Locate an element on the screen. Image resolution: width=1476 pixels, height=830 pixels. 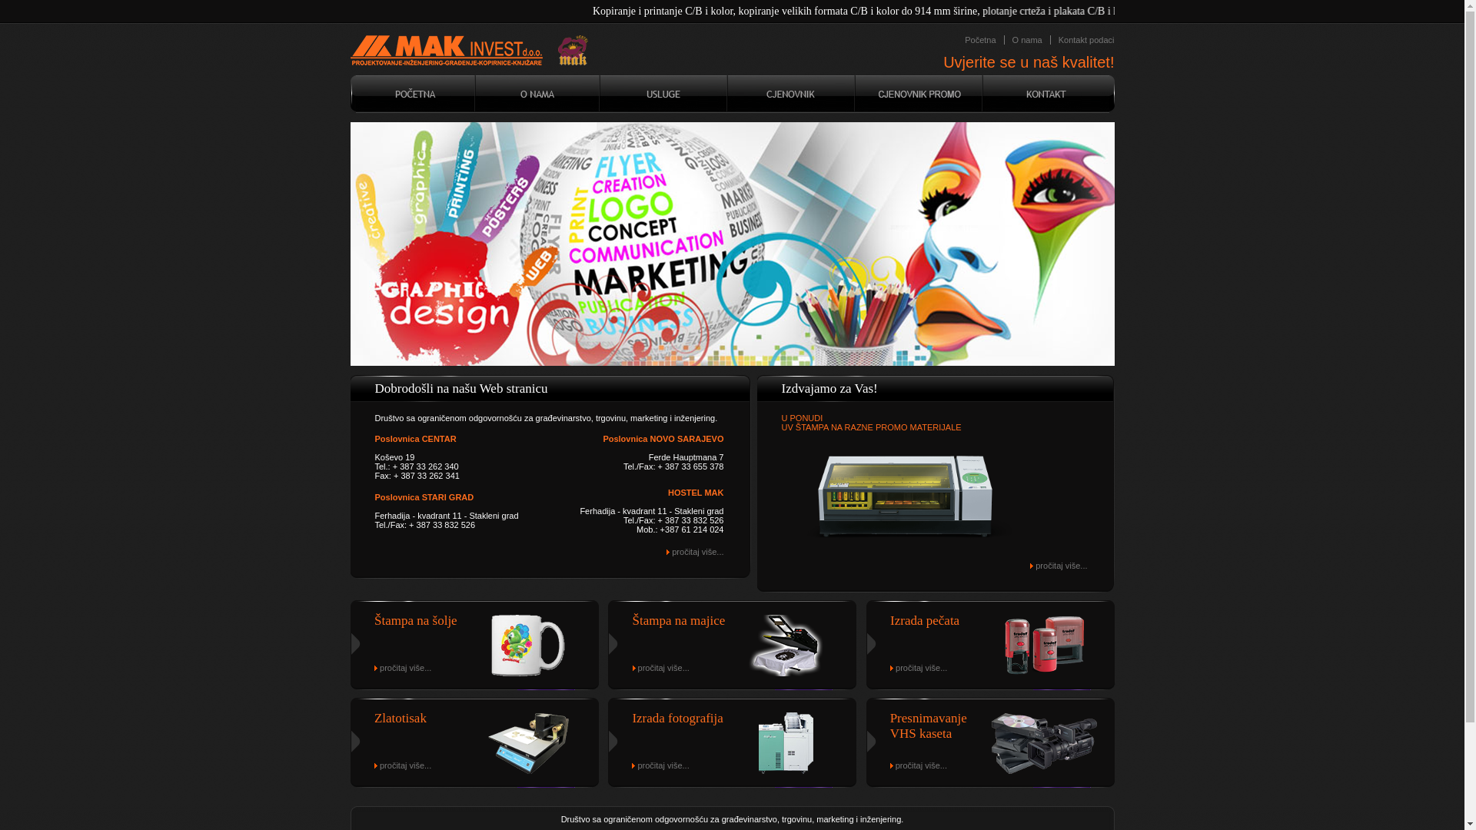
'Kontakt podaci' is located at coordinates (1082, 38).